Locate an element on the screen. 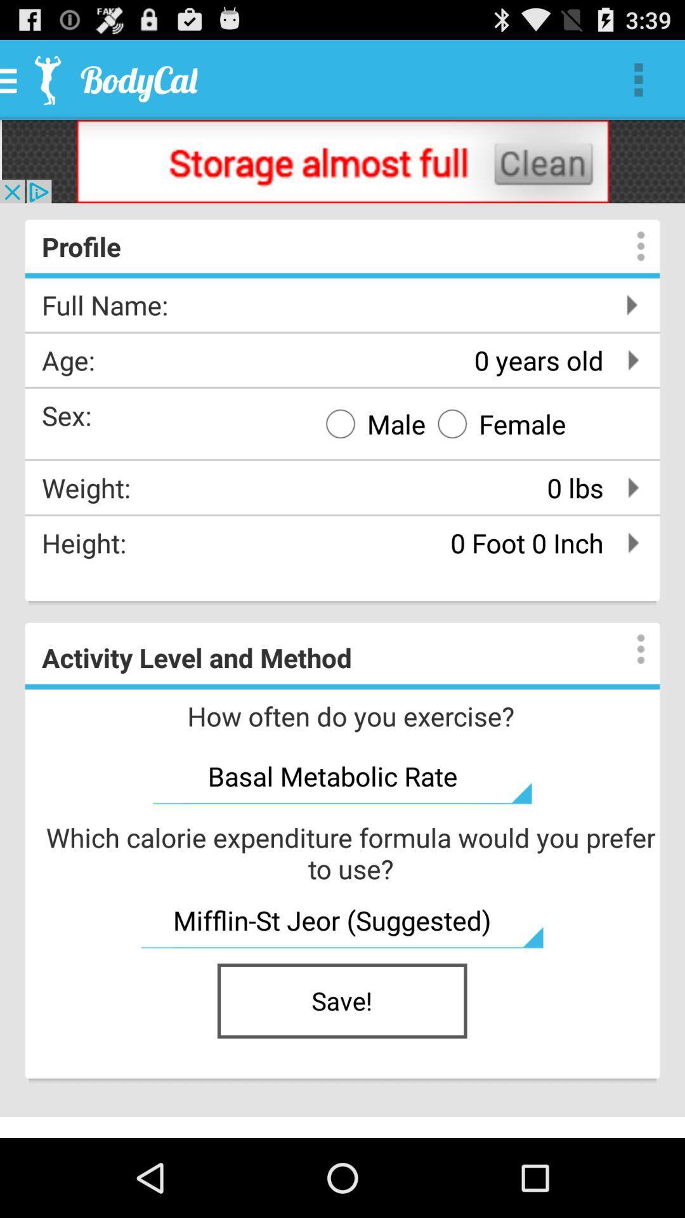 The image size is (685, 1218). free space on smartphone is located at coordinates (342, 160).